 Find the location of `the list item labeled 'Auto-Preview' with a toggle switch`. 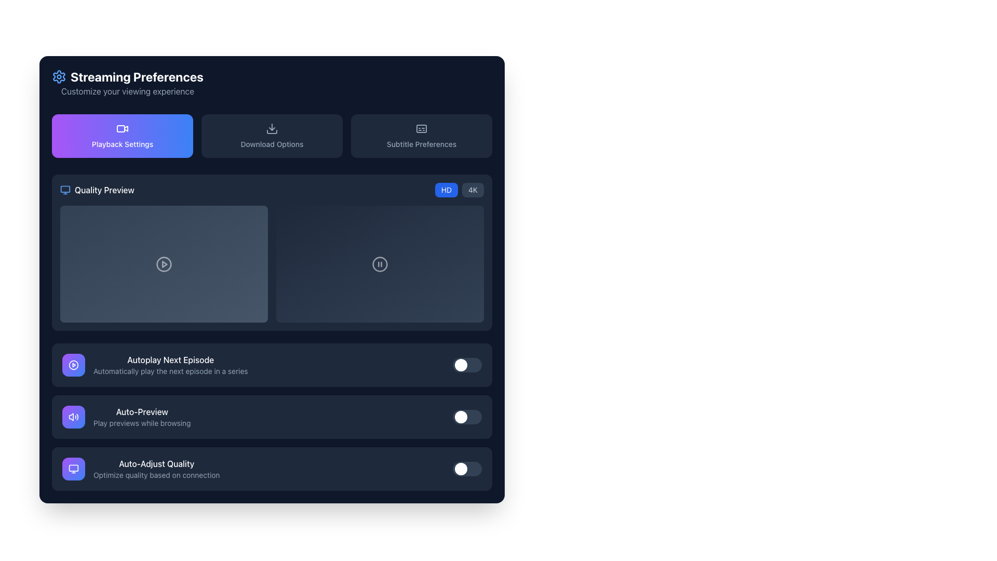

the list item labeled 'Auto-Preview' with a toggle switch is located at coordinates (272, 416).